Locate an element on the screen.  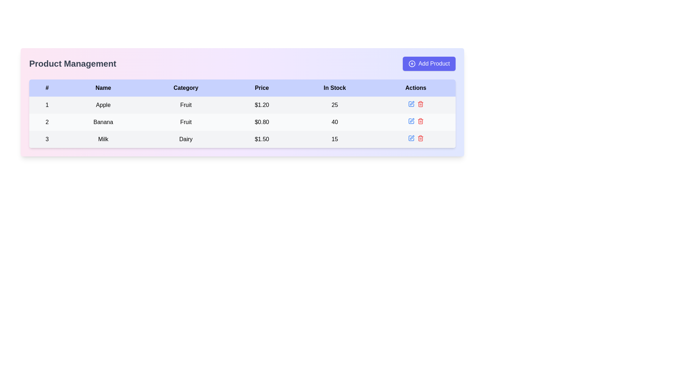
the text label displaying 'Apple' in the second cell of the first row in the table under the 'Name' column is located at coordinates (103, 105).